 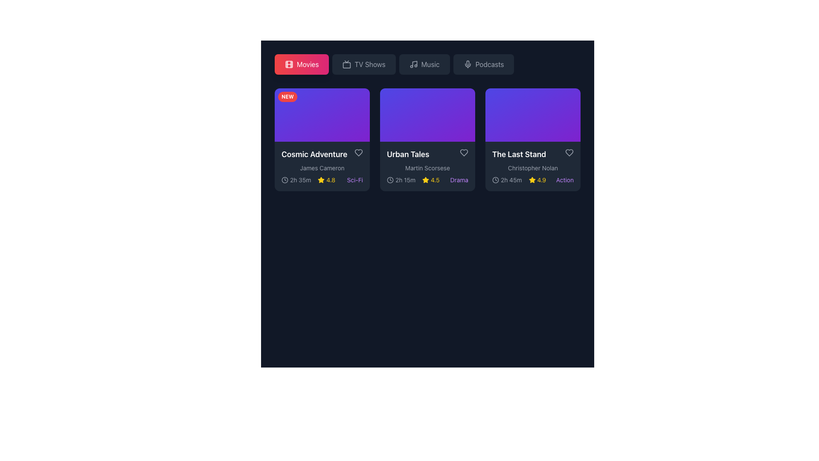 I want to click on the heart-shaped outlined icon located in the lower right corner of the 'The Last Stand' movie card, so click(x=569, y=152).